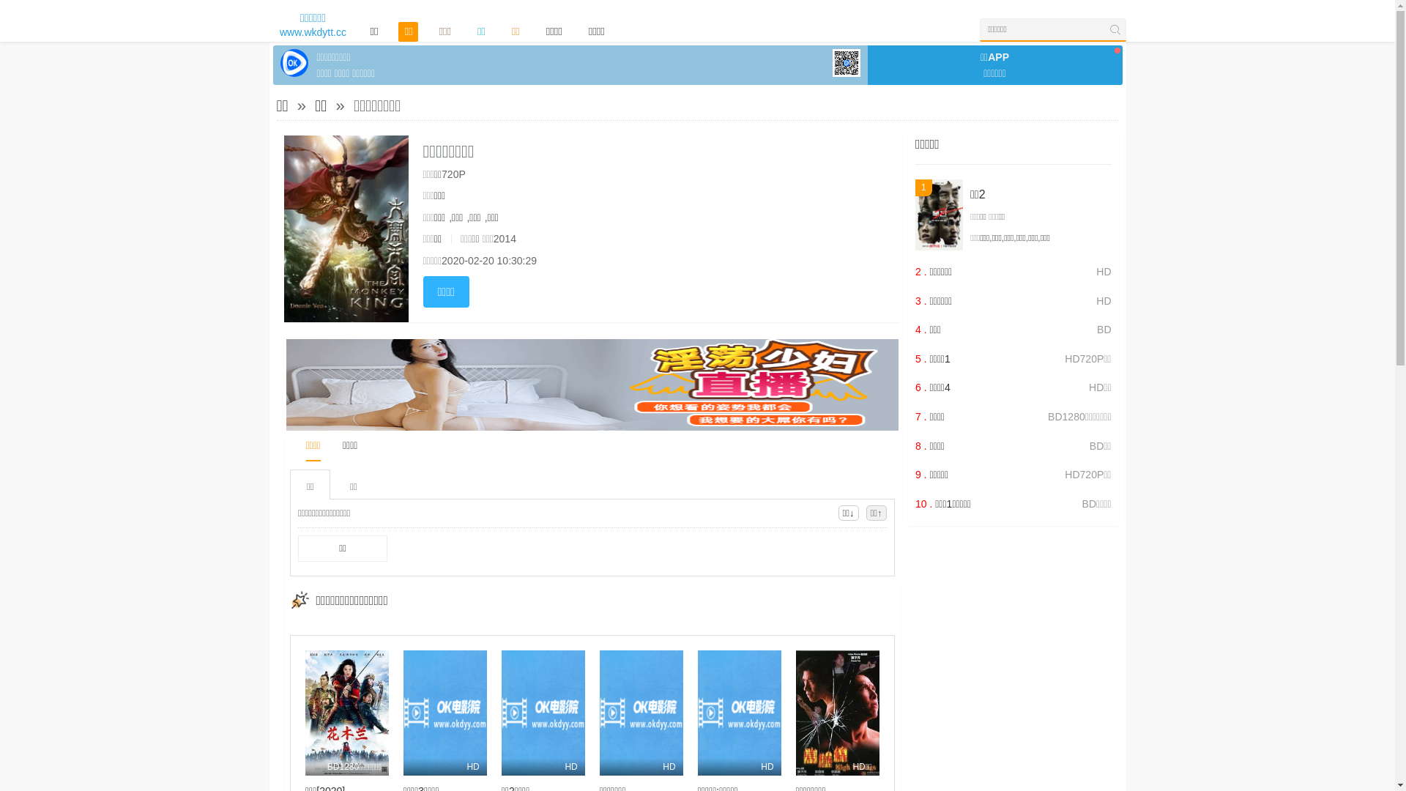  What do you see at coordinates (641, 712) in the screenshot?
I see `'HD'` at bounding box center [641, 712].